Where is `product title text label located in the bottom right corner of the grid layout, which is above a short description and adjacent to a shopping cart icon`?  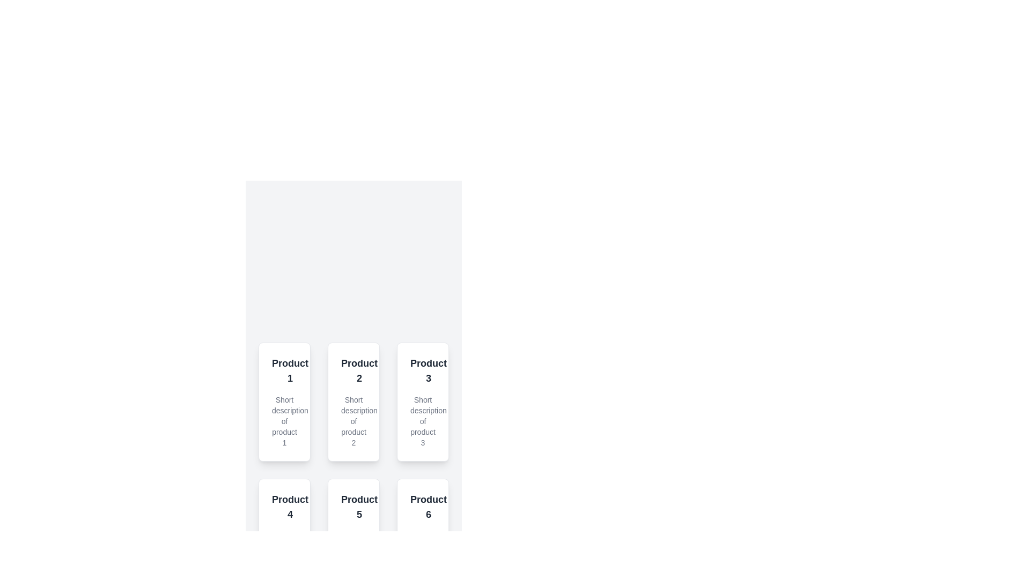 product title text label located in the bottom right corner of the grid layout, which is above a short description and adjacent to a shopping cart icon is located at coordinates (422, 507).